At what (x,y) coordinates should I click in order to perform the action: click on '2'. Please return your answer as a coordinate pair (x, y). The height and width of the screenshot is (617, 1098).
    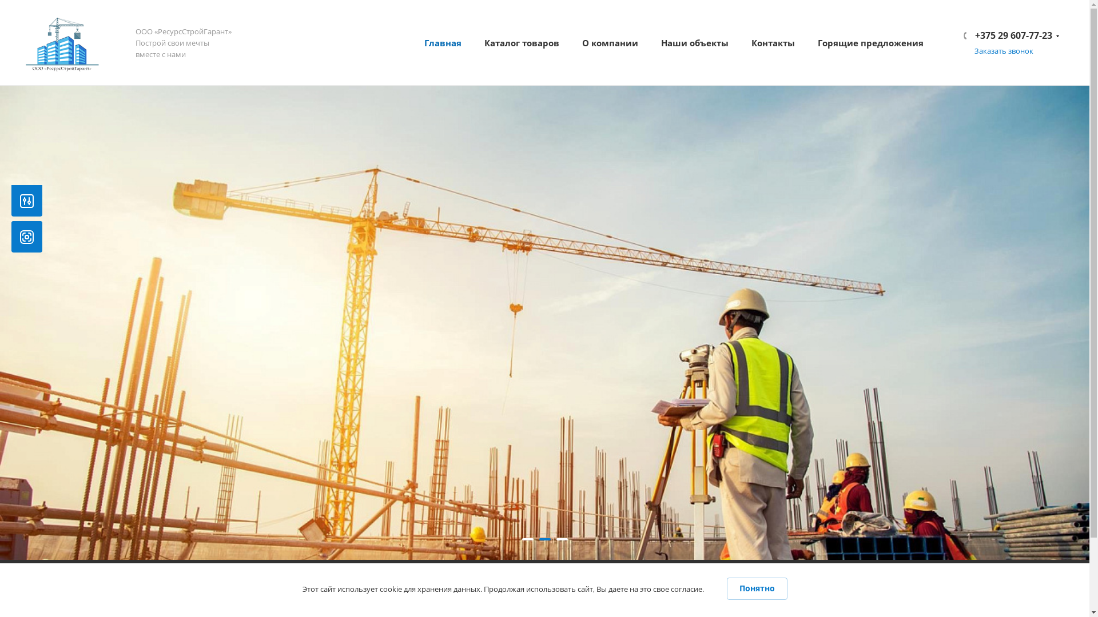
    Looking at the image, I should click on (543, 539).